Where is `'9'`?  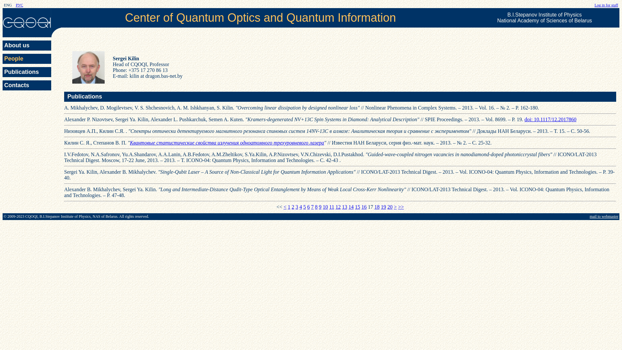
'9' is located at coordinates (320, 207).